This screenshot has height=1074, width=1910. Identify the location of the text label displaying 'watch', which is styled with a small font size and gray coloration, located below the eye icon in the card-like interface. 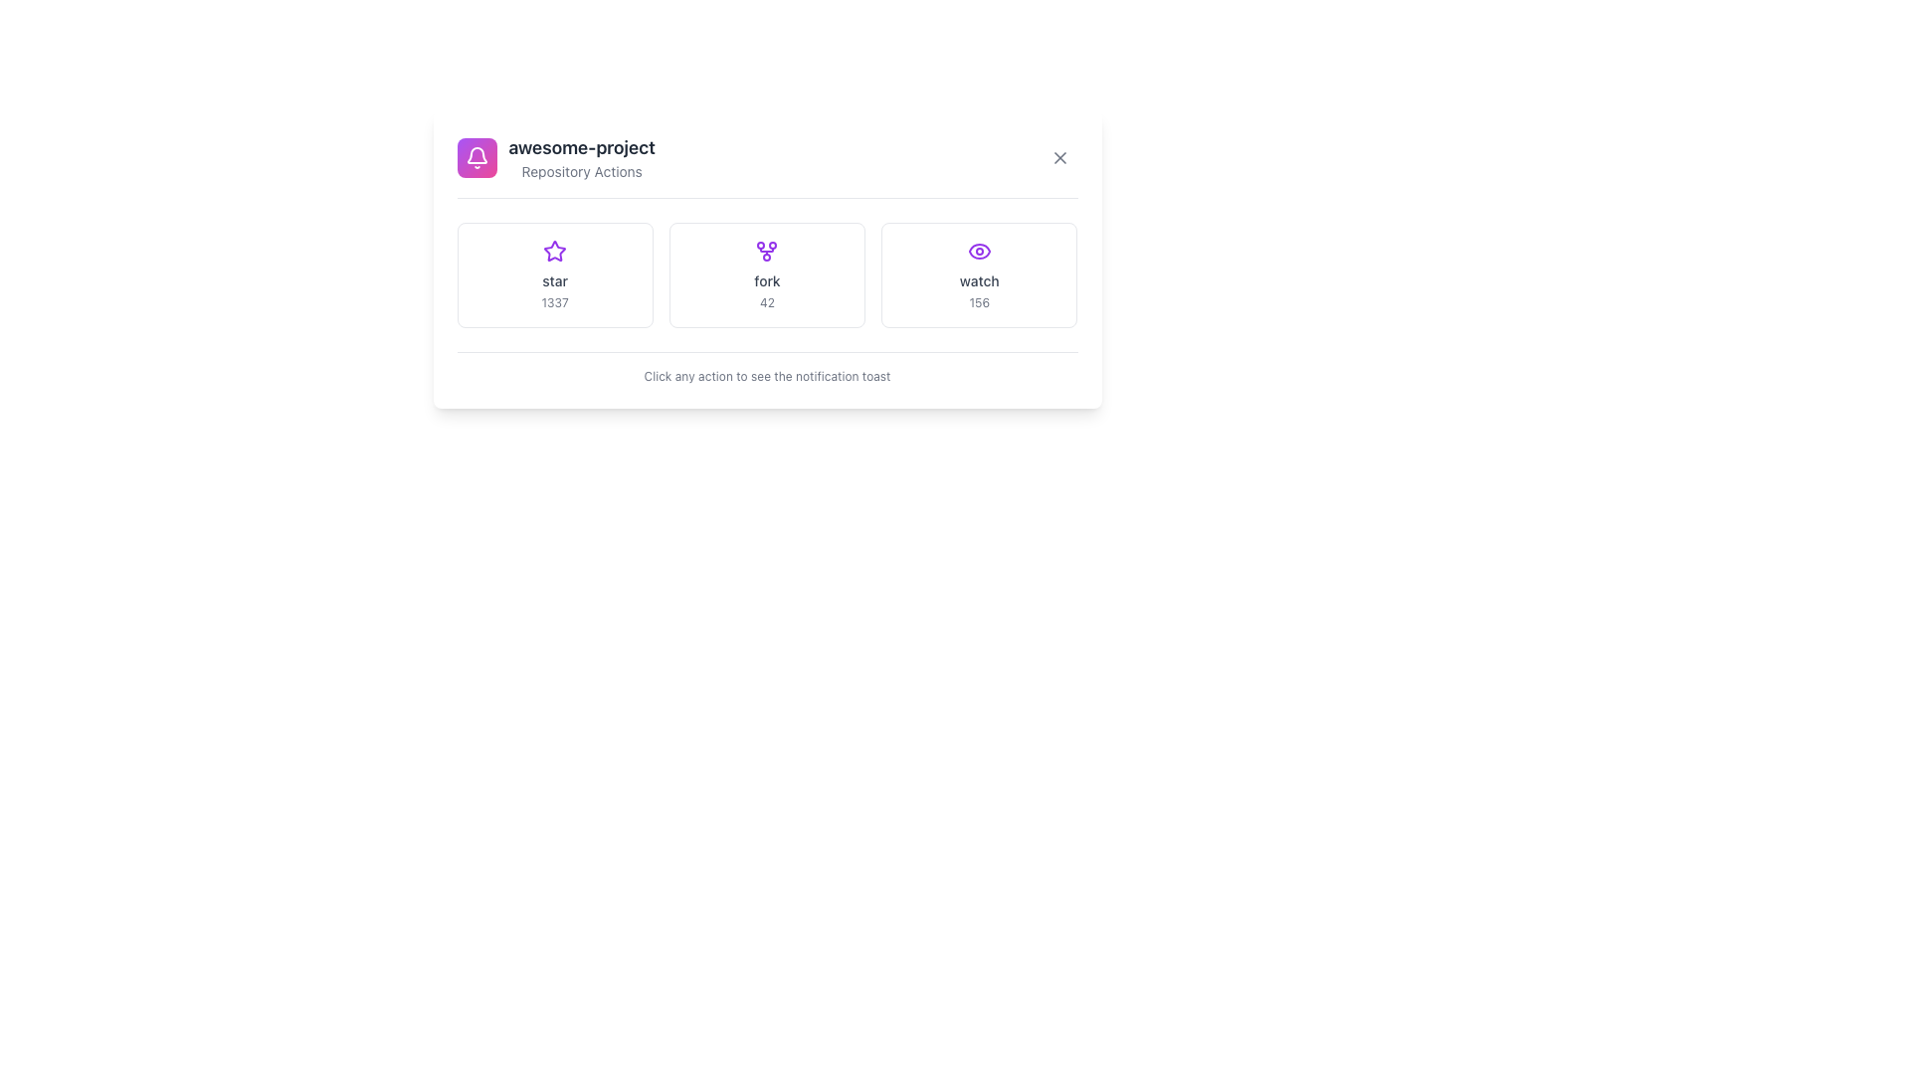
(979, 280).